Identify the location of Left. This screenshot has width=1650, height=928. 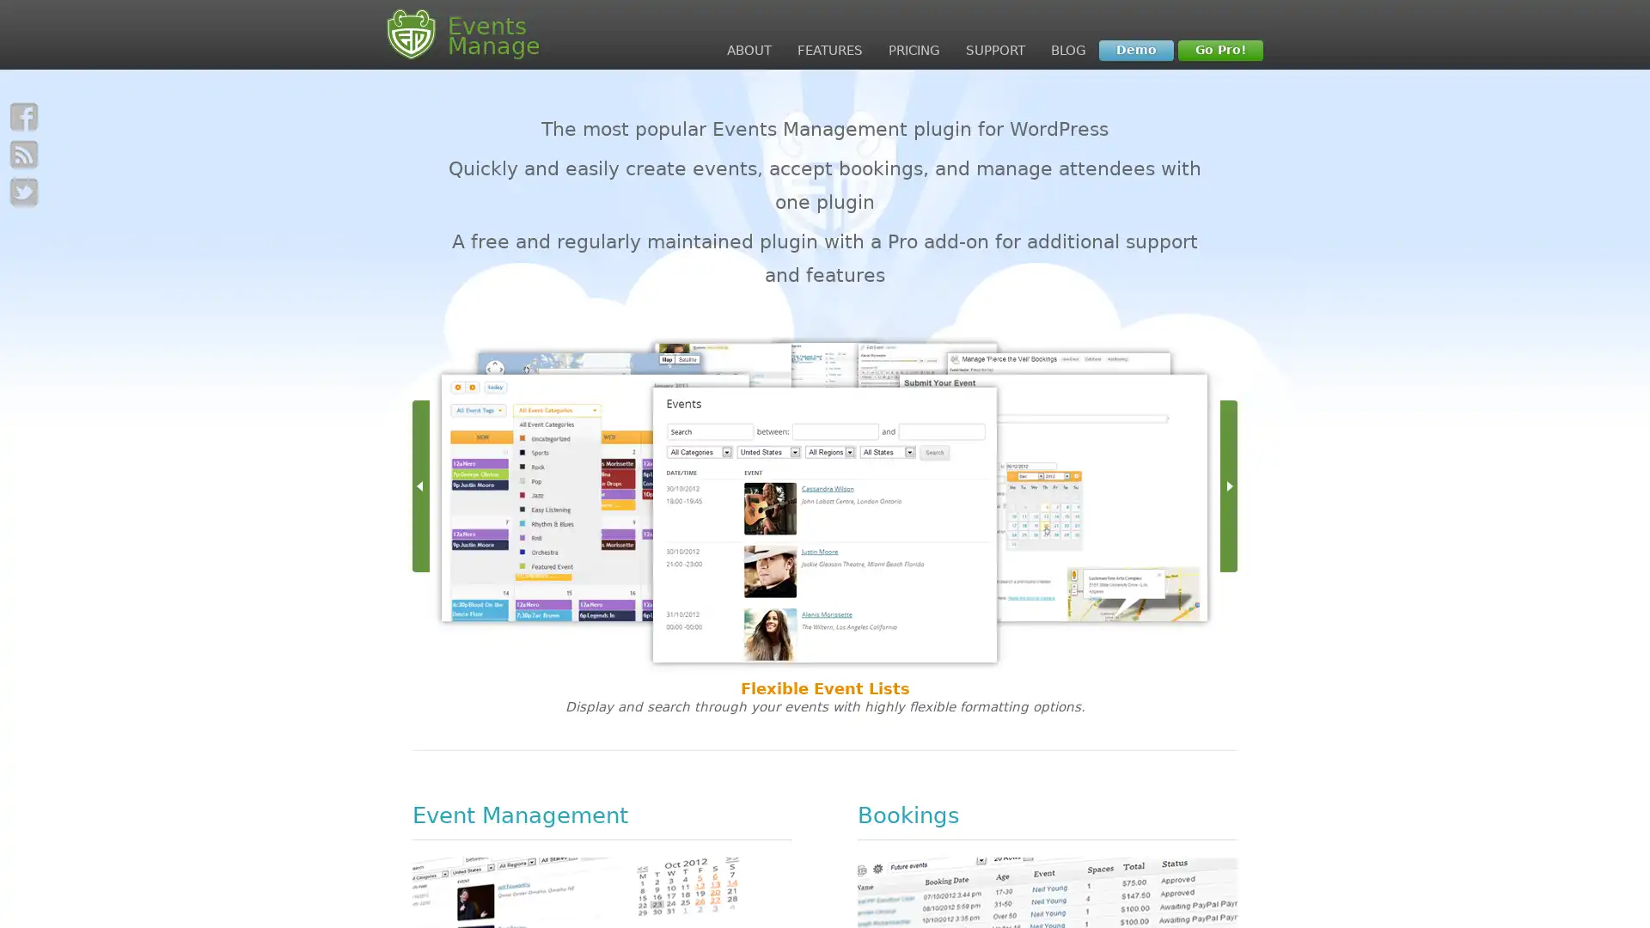
(420, 485).